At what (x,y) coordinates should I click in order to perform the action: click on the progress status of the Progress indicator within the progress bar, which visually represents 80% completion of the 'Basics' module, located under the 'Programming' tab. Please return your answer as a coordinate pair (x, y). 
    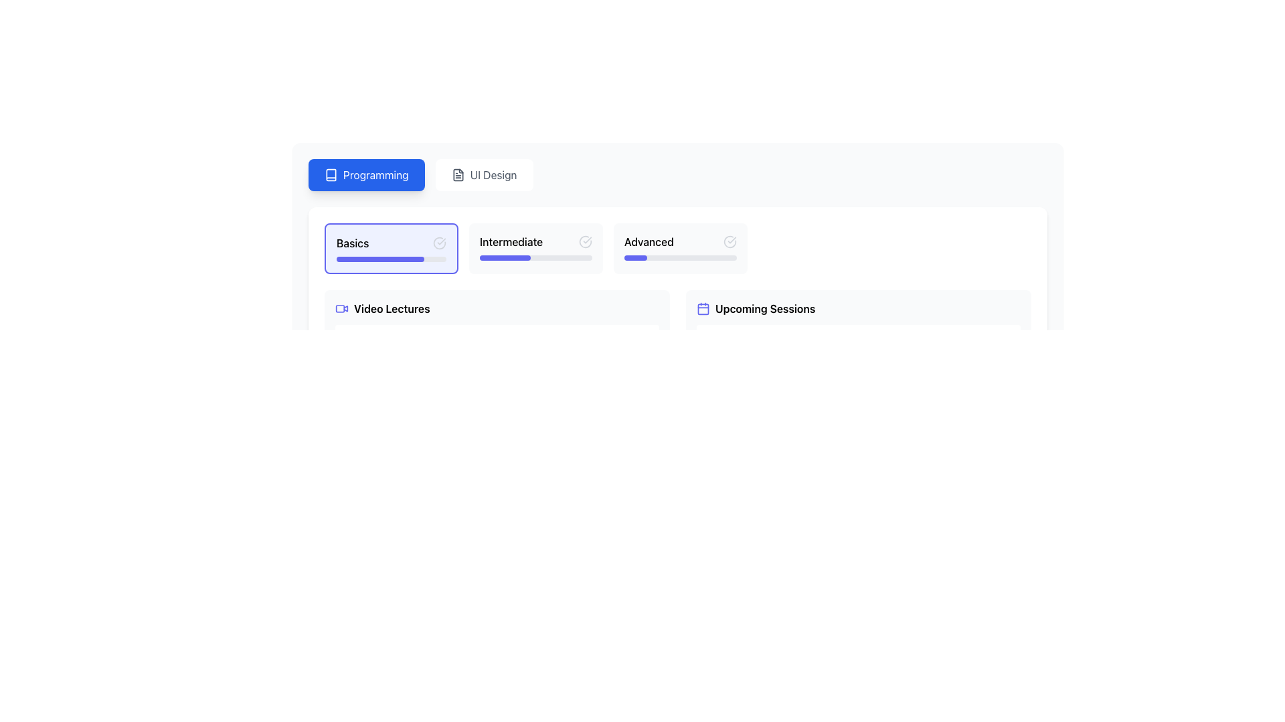
    Looking at the image, I should click on (379, 259).